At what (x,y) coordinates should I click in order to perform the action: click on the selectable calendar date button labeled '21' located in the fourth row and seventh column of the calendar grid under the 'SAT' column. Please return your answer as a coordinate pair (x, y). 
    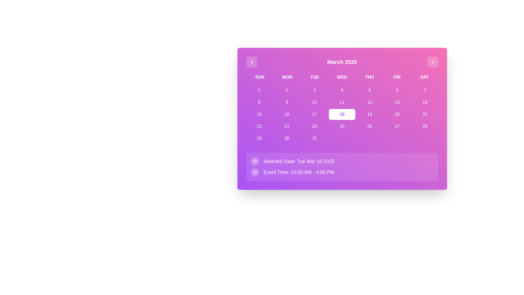
    Looking at the image, I should click on (424, 114).